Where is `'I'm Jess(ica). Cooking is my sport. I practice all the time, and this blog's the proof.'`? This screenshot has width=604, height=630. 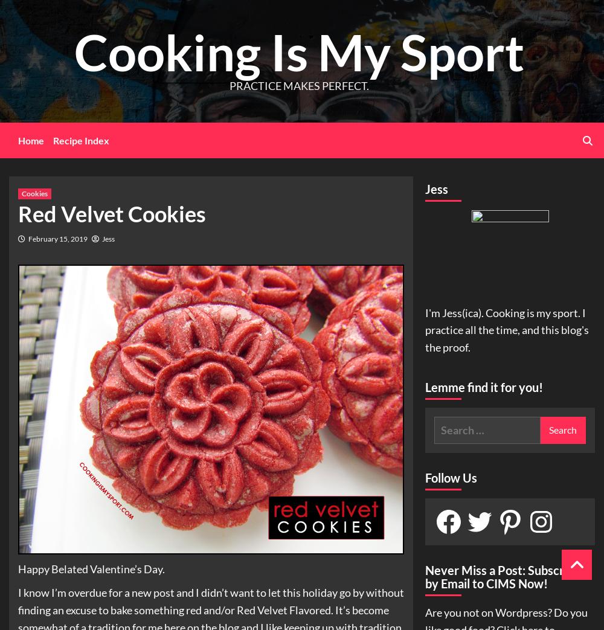
'I'm Jess(ica). Cooking is my sport. I practice all the time, and this blog's the proof.' is located at coordinates (425, 330).